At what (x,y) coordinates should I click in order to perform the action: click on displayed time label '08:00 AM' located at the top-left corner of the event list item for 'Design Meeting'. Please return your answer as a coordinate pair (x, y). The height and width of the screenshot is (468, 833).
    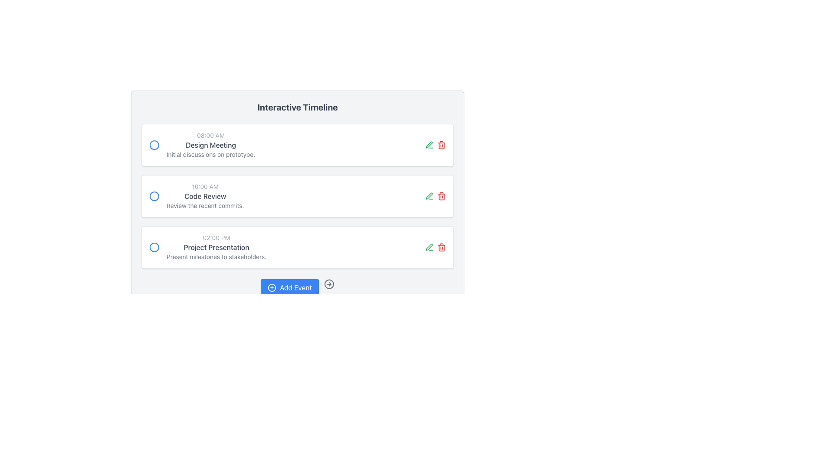
    Looking at the image, I should click on (211, 135).